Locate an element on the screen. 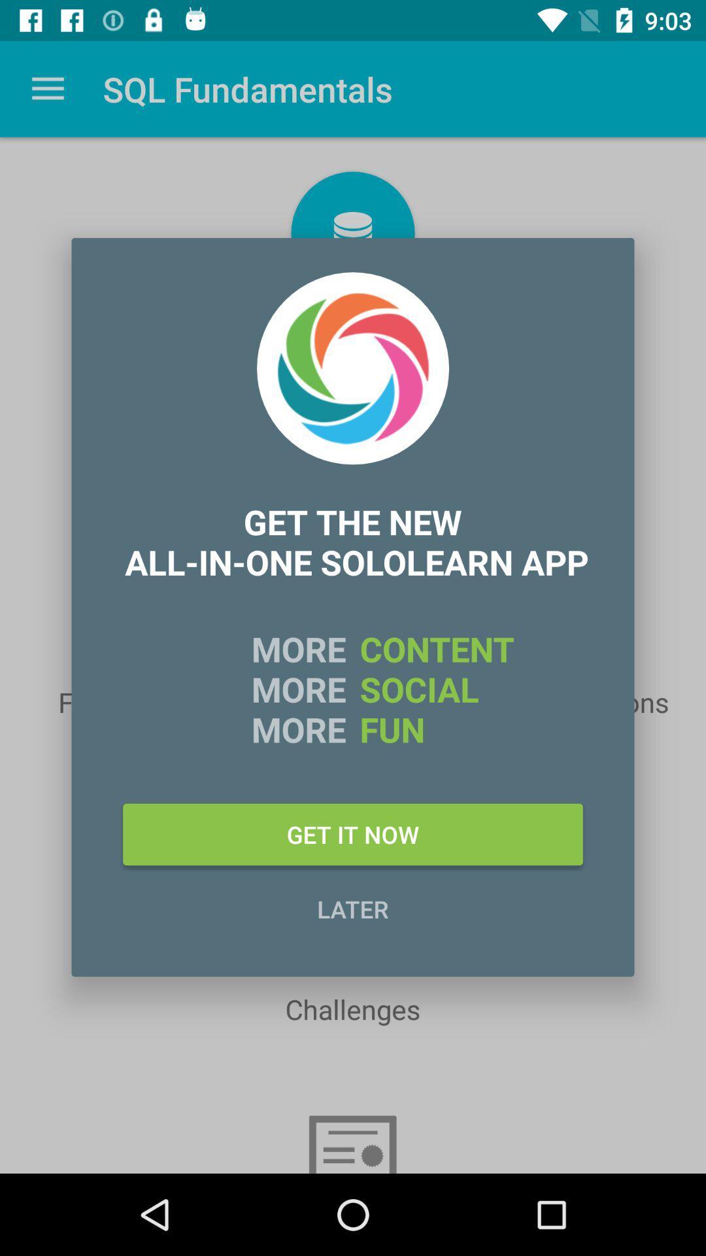 The image size is (706, 1256). the icon above later item is located at coordinates (353, 833).